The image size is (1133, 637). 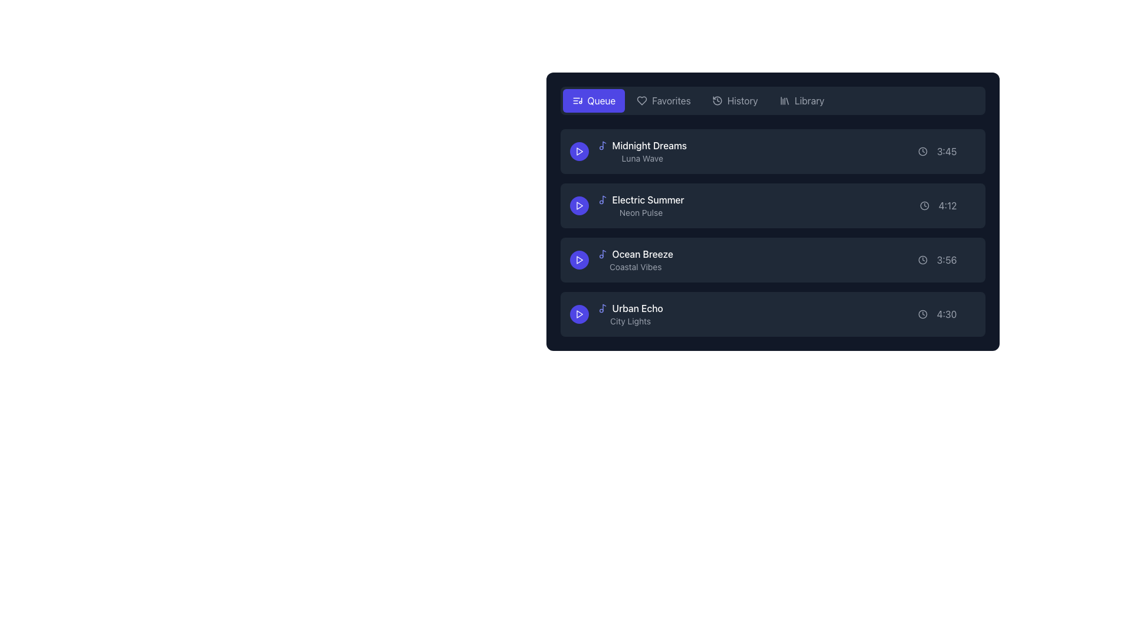 I want to click on the text label displaying 'Neon Pulse', which is a small light gray font subtitle located beneath 'Electric Summer' in a vertical list of items, so click(x=640, y=213).